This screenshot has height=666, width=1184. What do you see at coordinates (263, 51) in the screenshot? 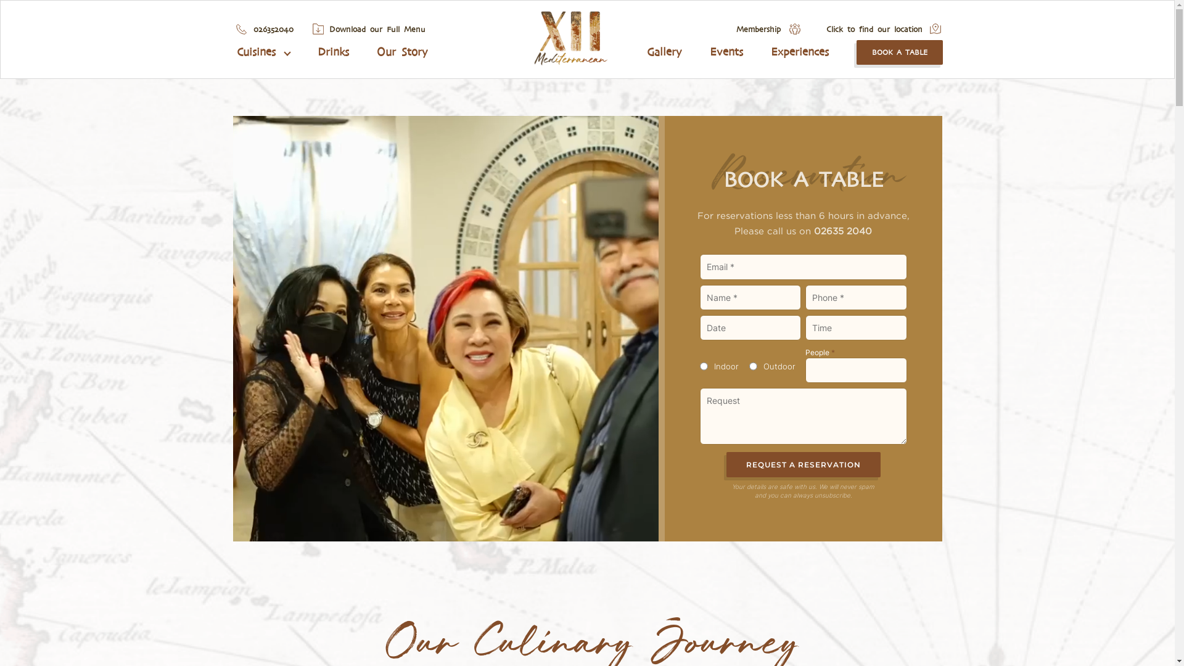
I see `'Cuisines'` at bounding box center [263, 51].